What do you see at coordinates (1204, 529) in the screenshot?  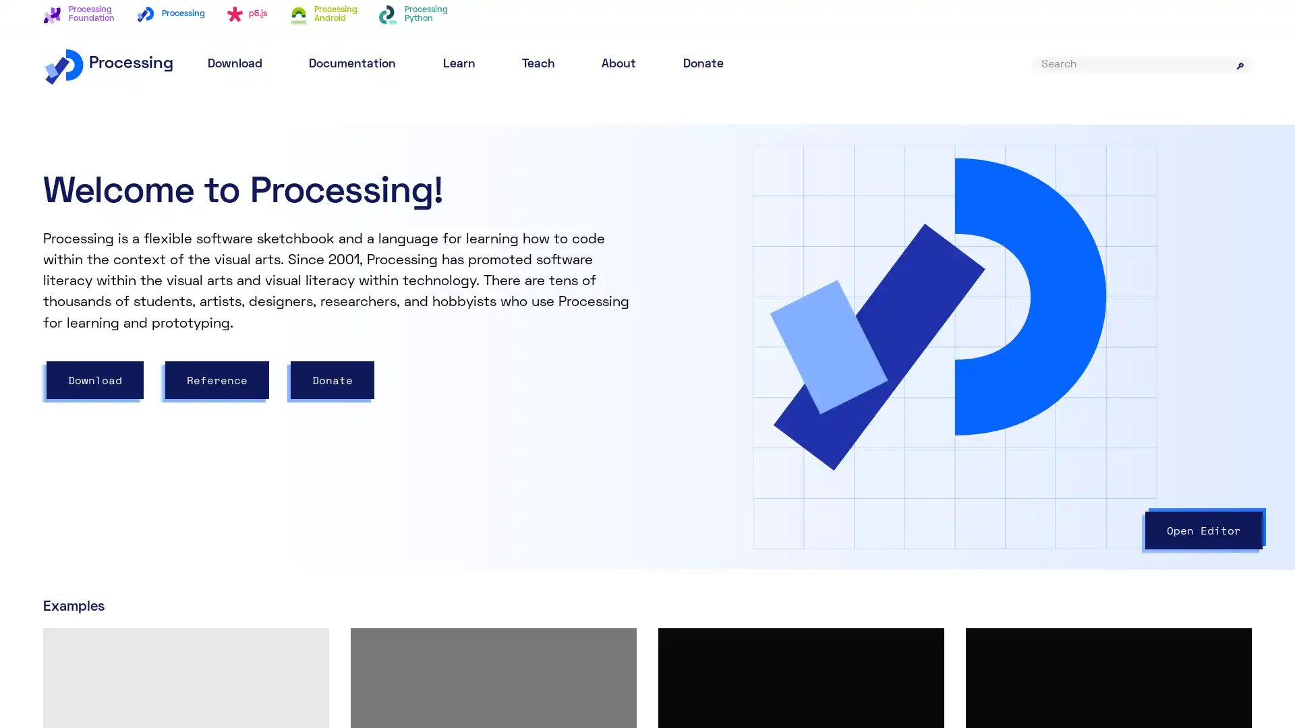 I see `Open Editor` at bounding box center [1204, 529].